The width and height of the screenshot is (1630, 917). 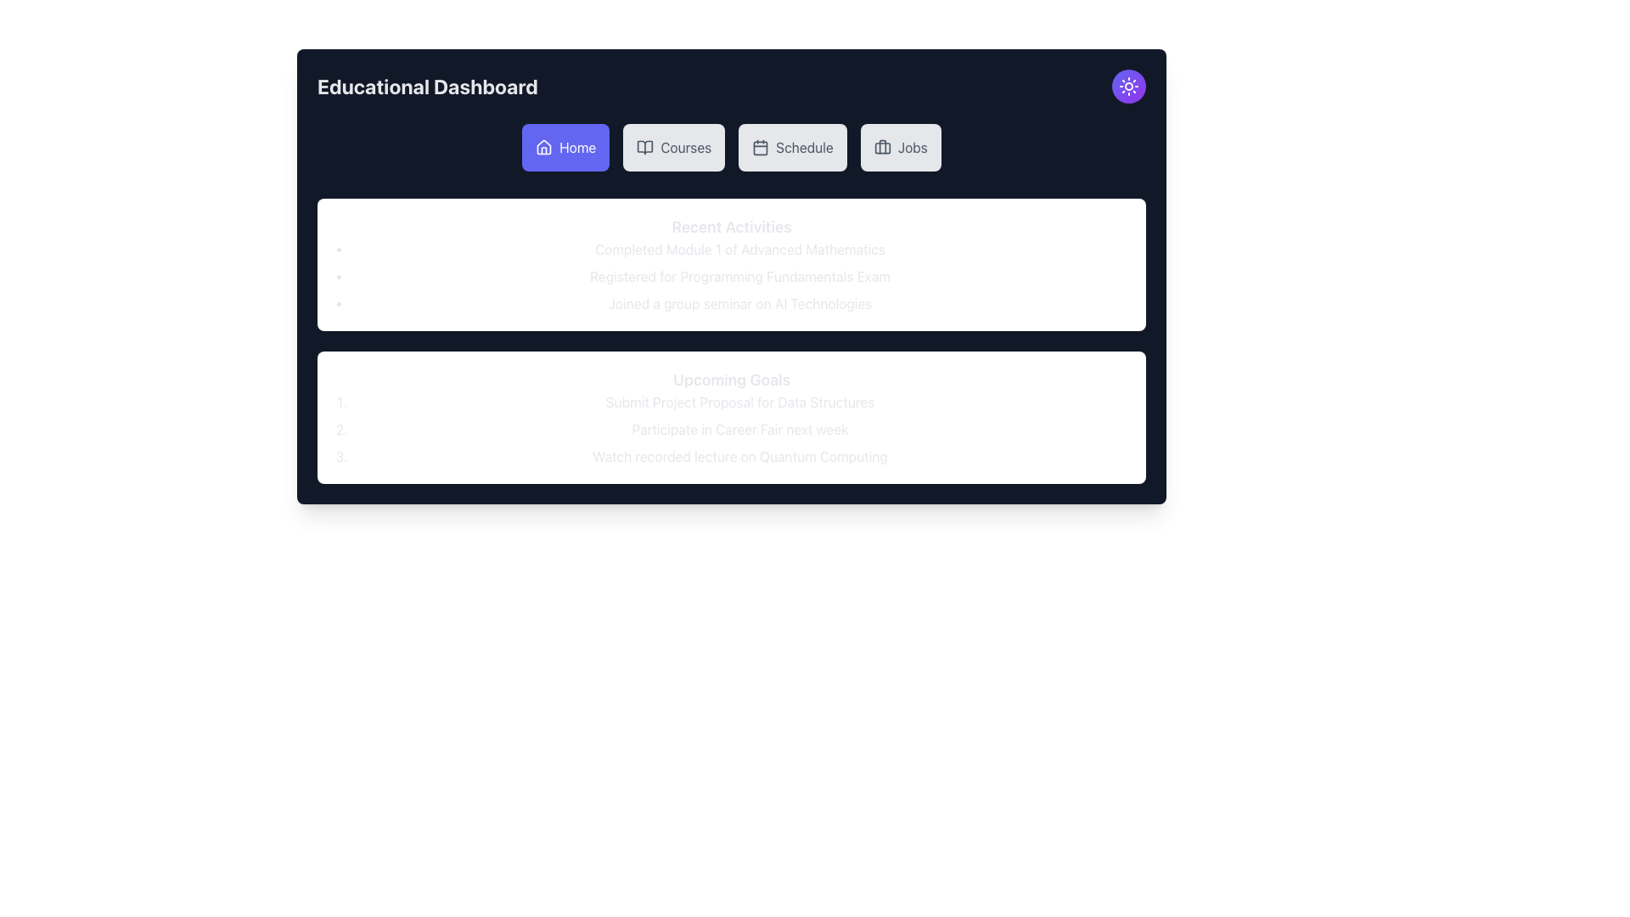 I want to click on the decorative SVG rectangle shape that is part of the briefcase icon representing the 'Jobs' button in the navigation bar, so click(x=882, y=147).